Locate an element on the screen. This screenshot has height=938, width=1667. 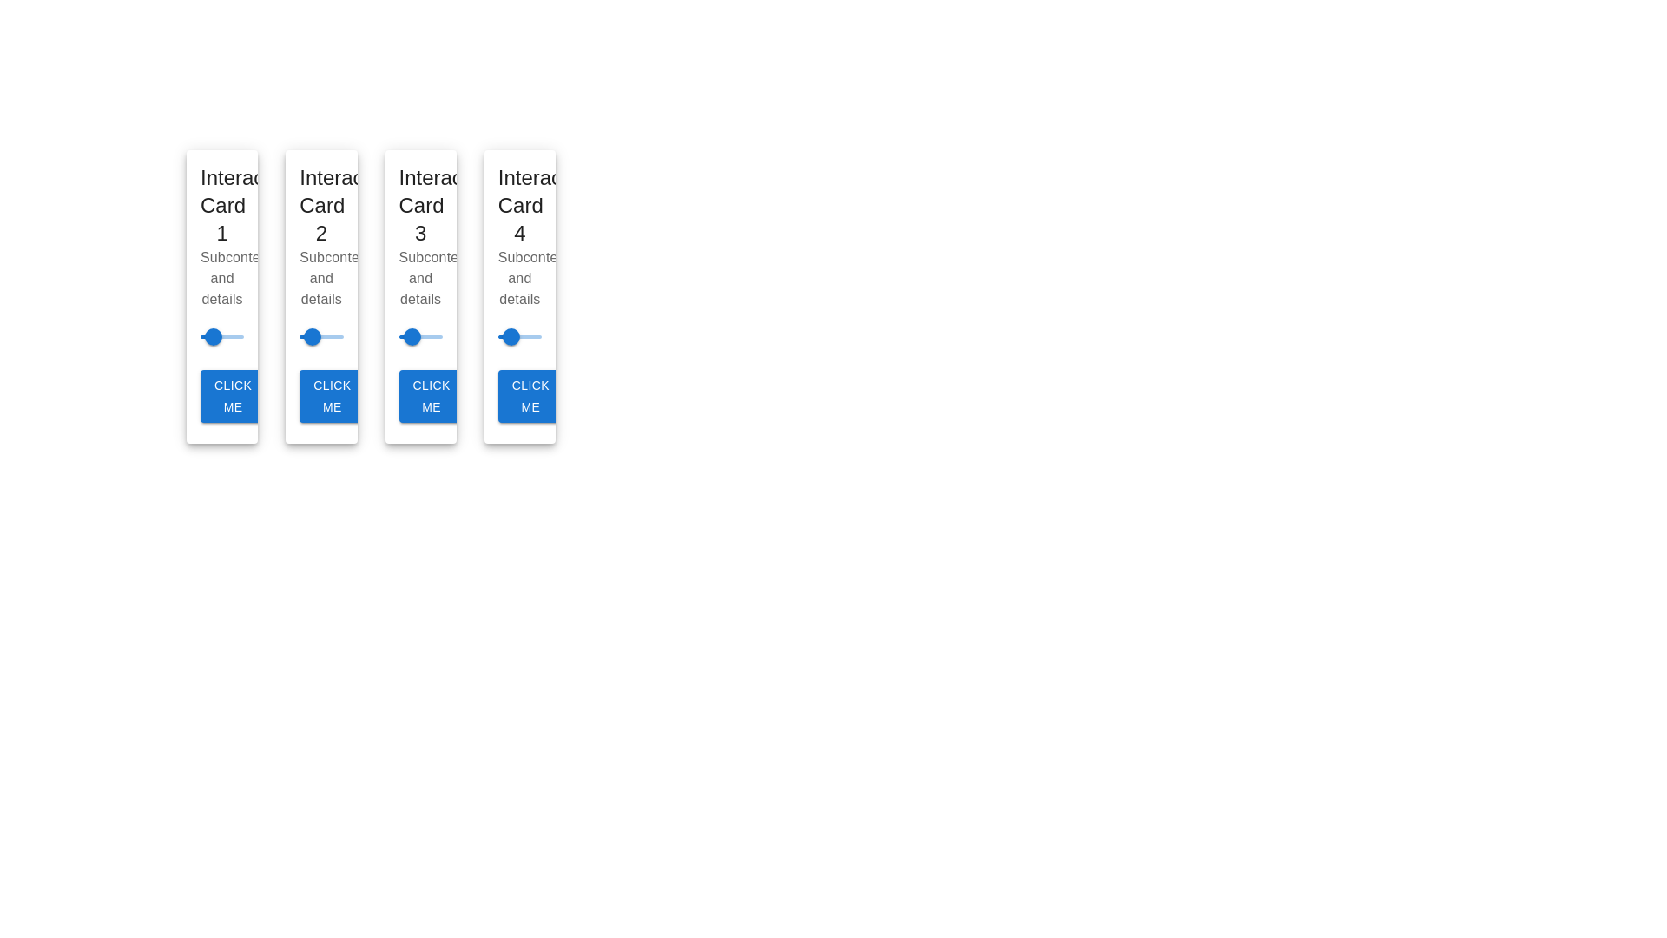
the slider is located at coordinates (214, 337).